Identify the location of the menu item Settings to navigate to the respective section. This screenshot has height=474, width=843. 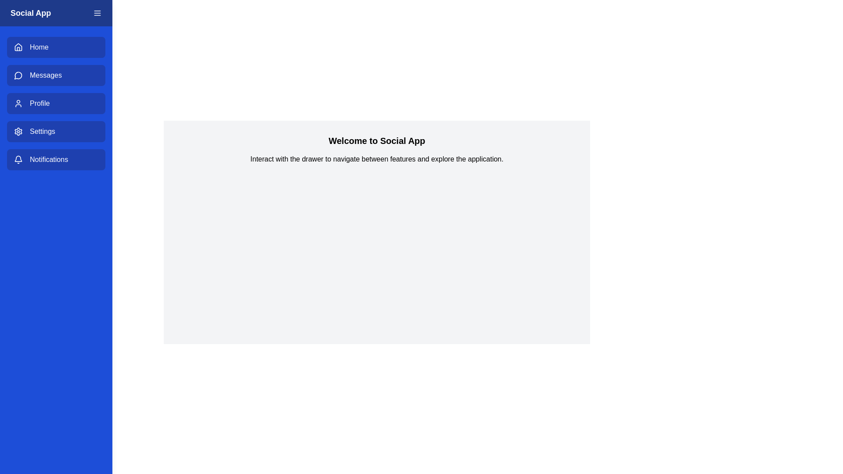
(56, 132).